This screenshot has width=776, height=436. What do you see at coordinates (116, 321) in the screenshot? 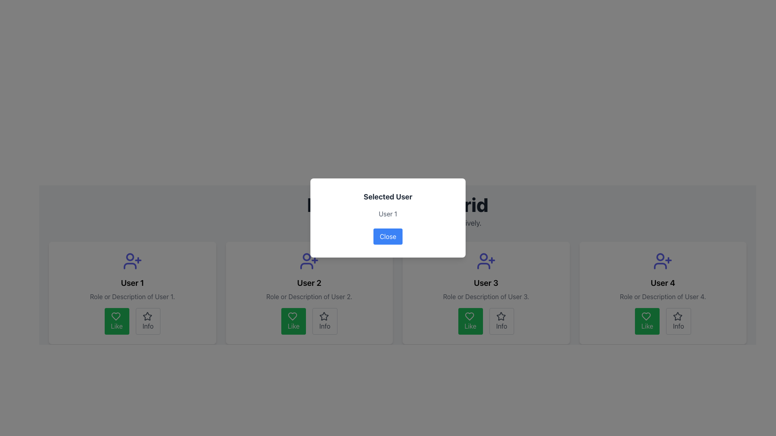
I see `the 'Like' button associated with 'User 1' to express liking for the item` at bounding box center [116, 321].